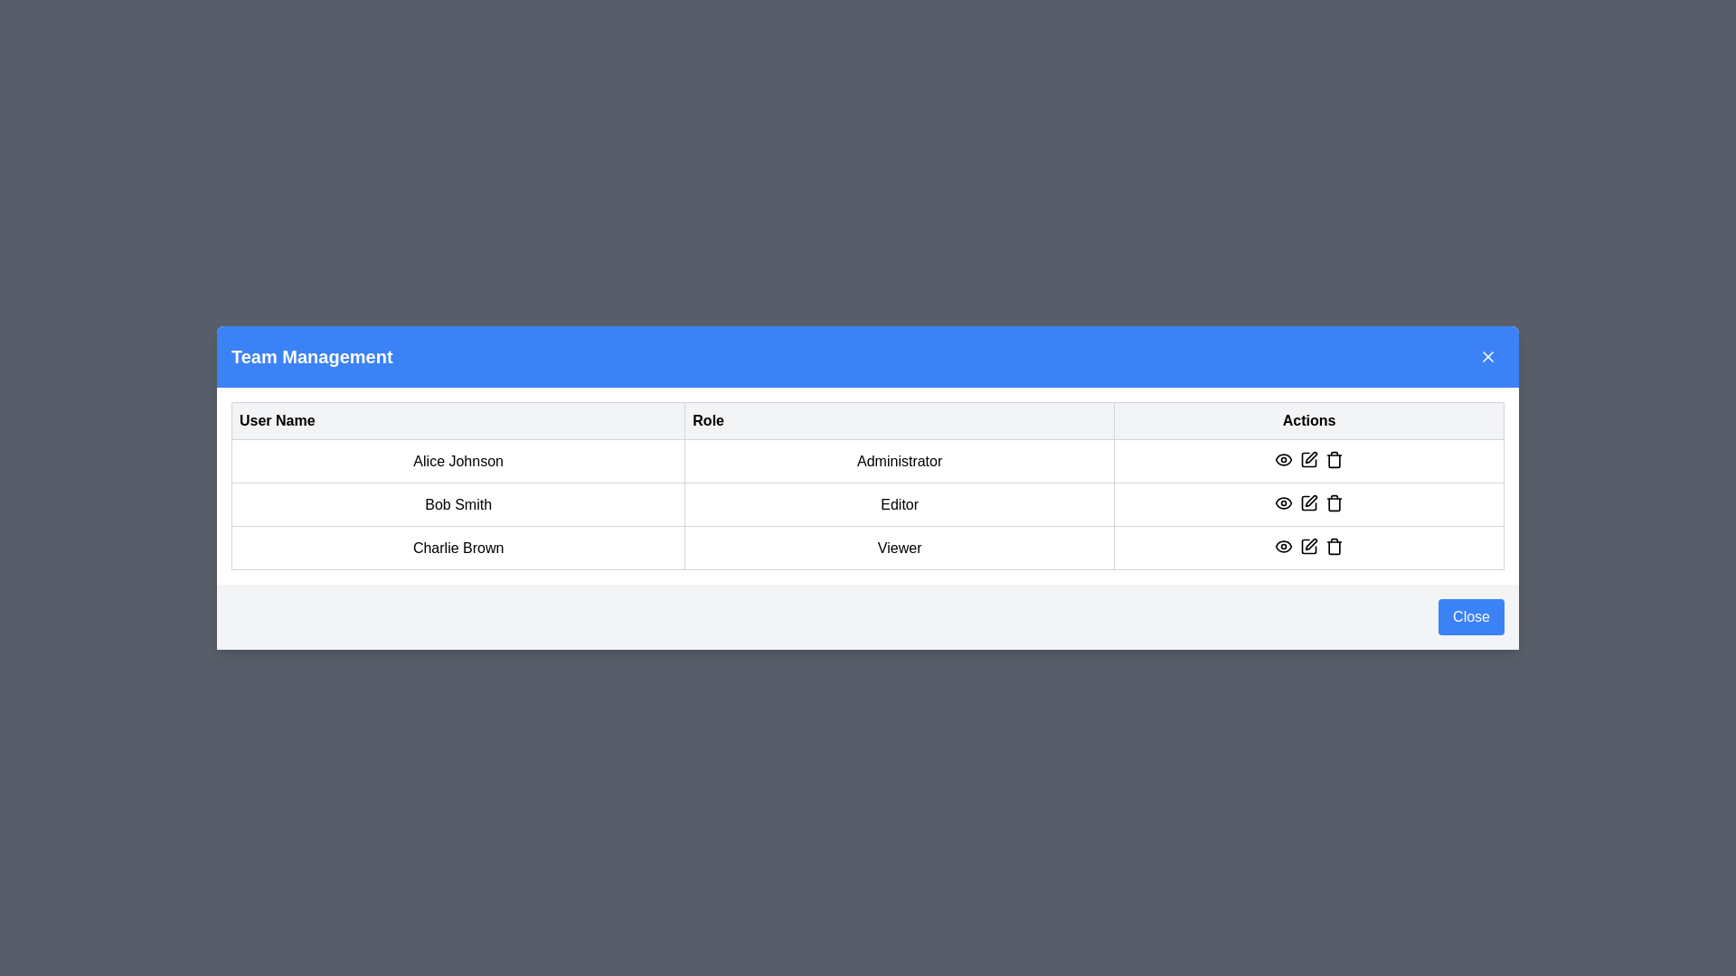 The image size is (1736, 976). Describe the element at coordinates (1283, 546) in the screenshot. I see `the eye-shaped icon button located in the bottom row of the user roles table, first action icon in the Actions column` at that location.